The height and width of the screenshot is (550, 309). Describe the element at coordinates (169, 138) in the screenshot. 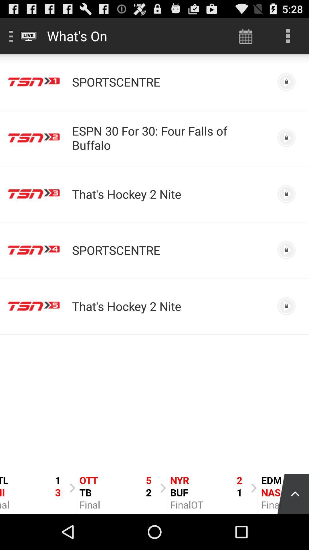

I see `espn 30 for icon` at that location.